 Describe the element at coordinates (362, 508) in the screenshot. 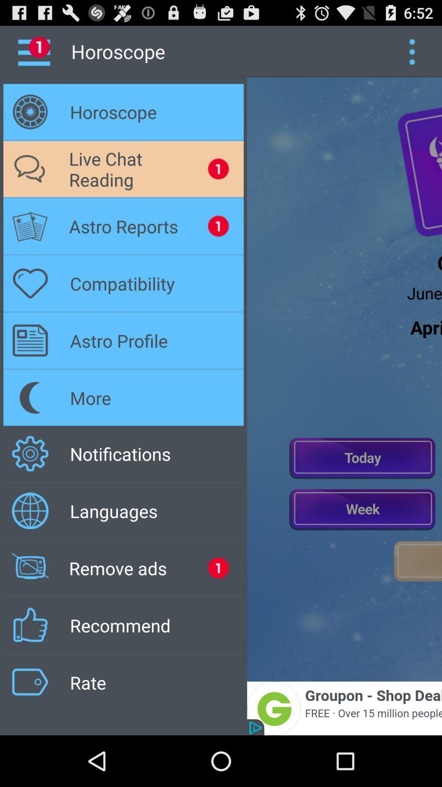

I see `weekly horscope purpple button` at that location.